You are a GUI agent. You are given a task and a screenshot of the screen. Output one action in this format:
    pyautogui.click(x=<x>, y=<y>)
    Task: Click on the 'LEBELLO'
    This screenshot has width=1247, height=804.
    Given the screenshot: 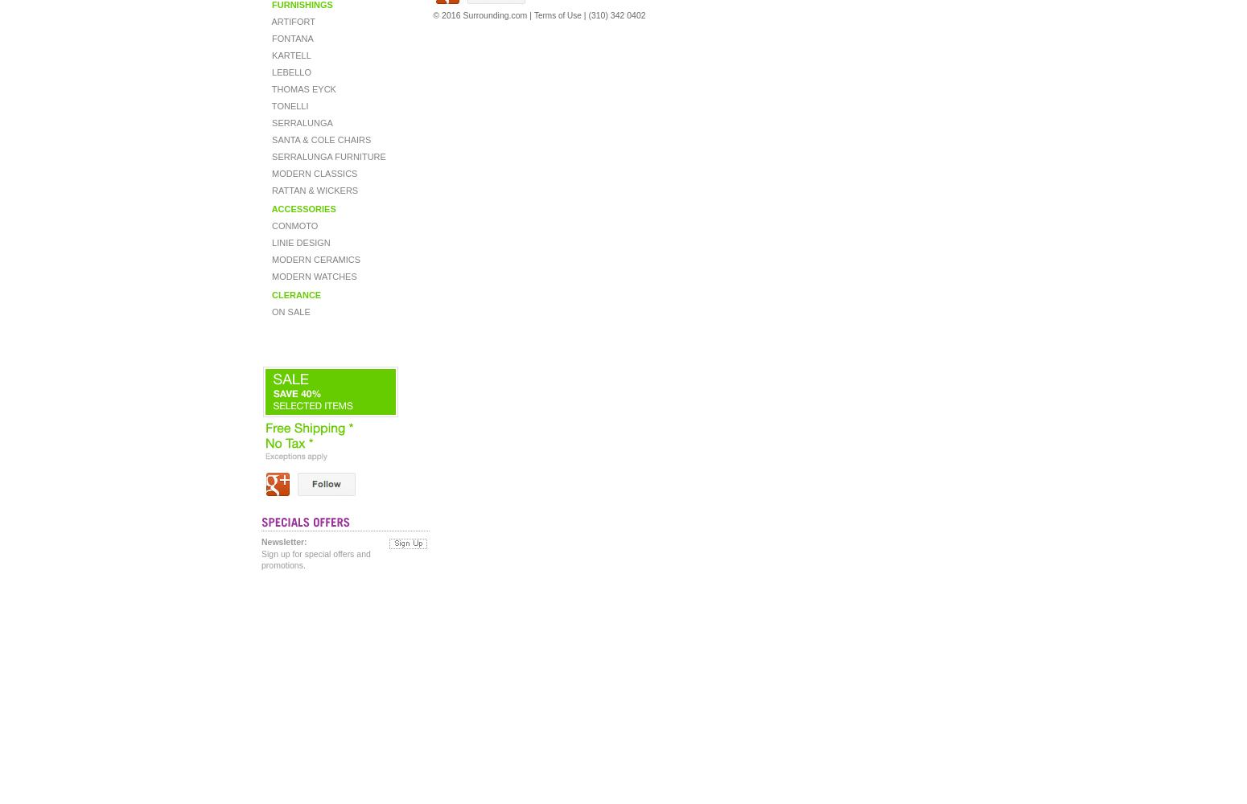 What is the action you would take?
    pyautogui.click(x=289, y=72)
    